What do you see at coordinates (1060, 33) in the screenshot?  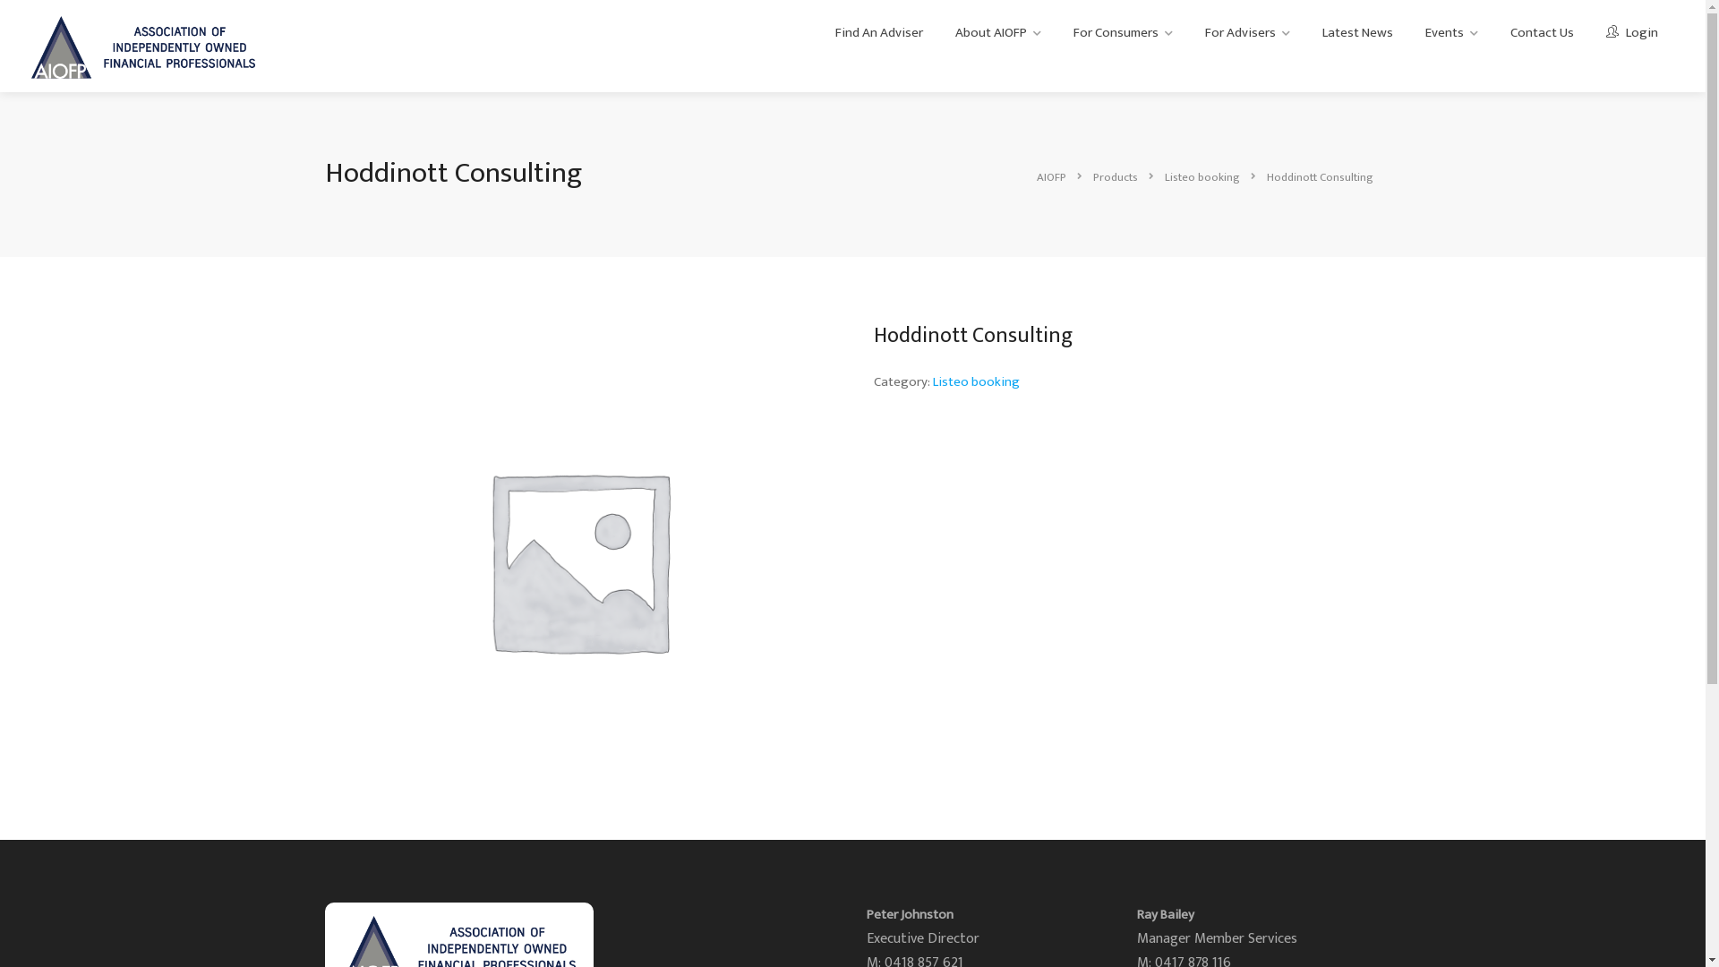 I see `'For Consumers'` at bounding box center [1060, 33].